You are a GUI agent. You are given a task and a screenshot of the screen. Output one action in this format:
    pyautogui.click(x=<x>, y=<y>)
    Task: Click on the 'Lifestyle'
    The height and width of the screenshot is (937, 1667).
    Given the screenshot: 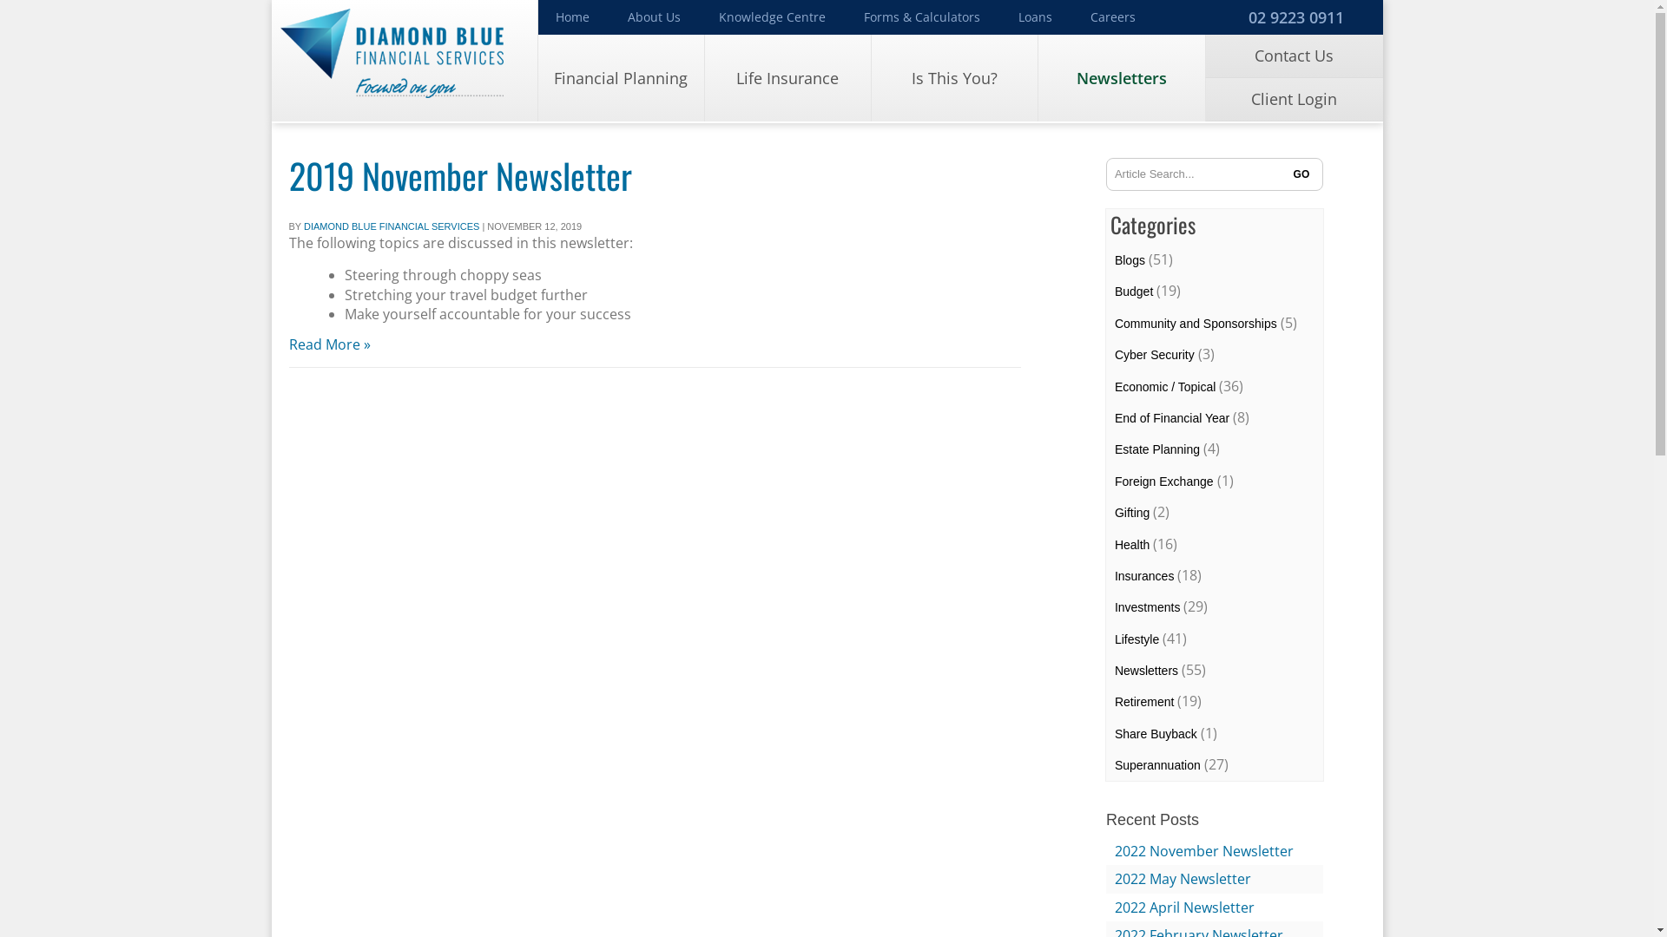 What is the action you would take?
    pyautogui.click(x=1114, y=639)
    